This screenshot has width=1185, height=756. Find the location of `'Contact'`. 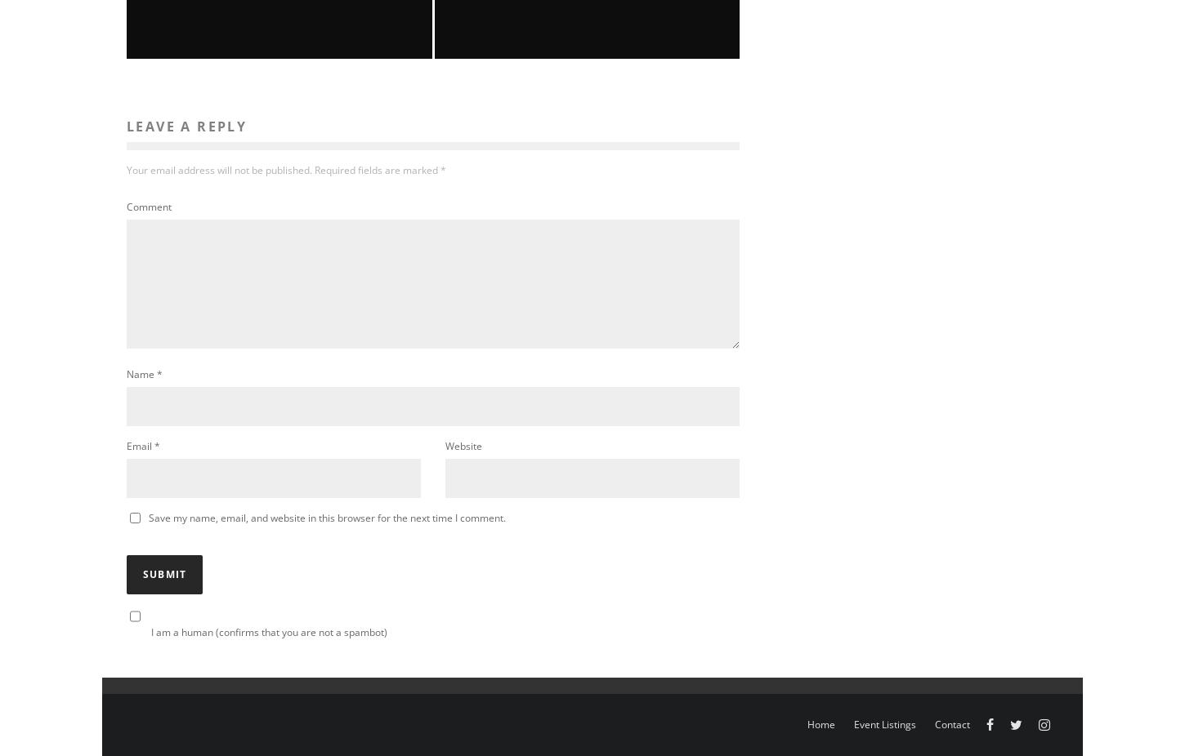

'Contact' is located at coordinates (951, 724).